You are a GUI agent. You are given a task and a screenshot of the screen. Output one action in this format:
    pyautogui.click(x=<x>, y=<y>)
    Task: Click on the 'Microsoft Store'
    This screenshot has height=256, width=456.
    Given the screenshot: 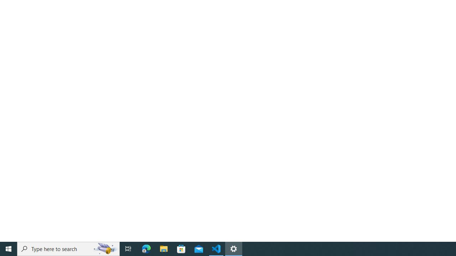 What is the action you would take?
    pyautogui.click(x=181, y=248)
    